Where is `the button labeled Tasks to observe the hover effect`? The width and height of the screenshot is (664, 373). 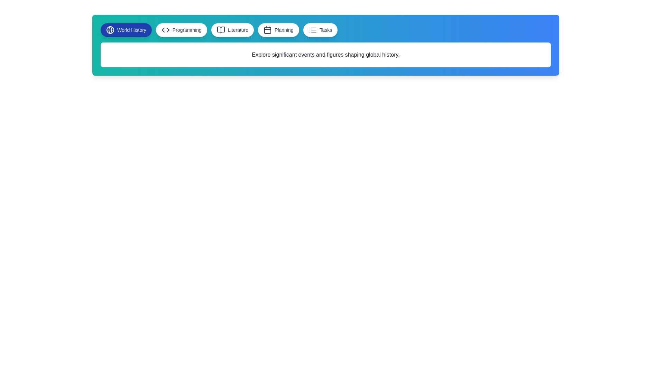
the button labeled Tasks to observe the hover effect is located at coordinates (320, 30).